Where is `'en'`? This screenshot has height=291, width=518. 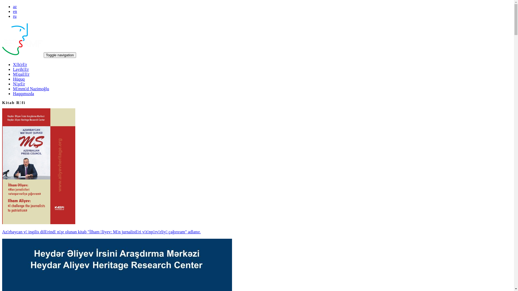
'en' is located at coordinates (15, 11).